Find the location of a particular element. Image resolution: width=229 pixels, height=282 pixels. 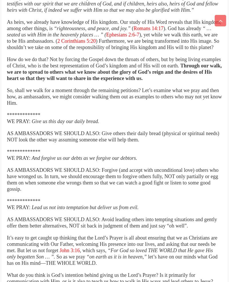

'Lead us not into temptation but deliver us from evil.' is located at coordinates (85, 207).